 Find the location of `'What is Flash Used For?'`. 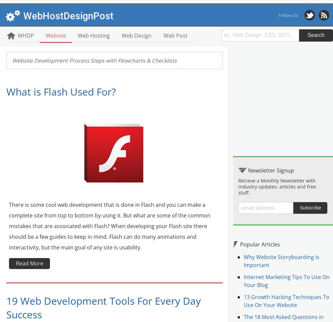

'What is Flash Used For?' is located at coordinates (61, 91).